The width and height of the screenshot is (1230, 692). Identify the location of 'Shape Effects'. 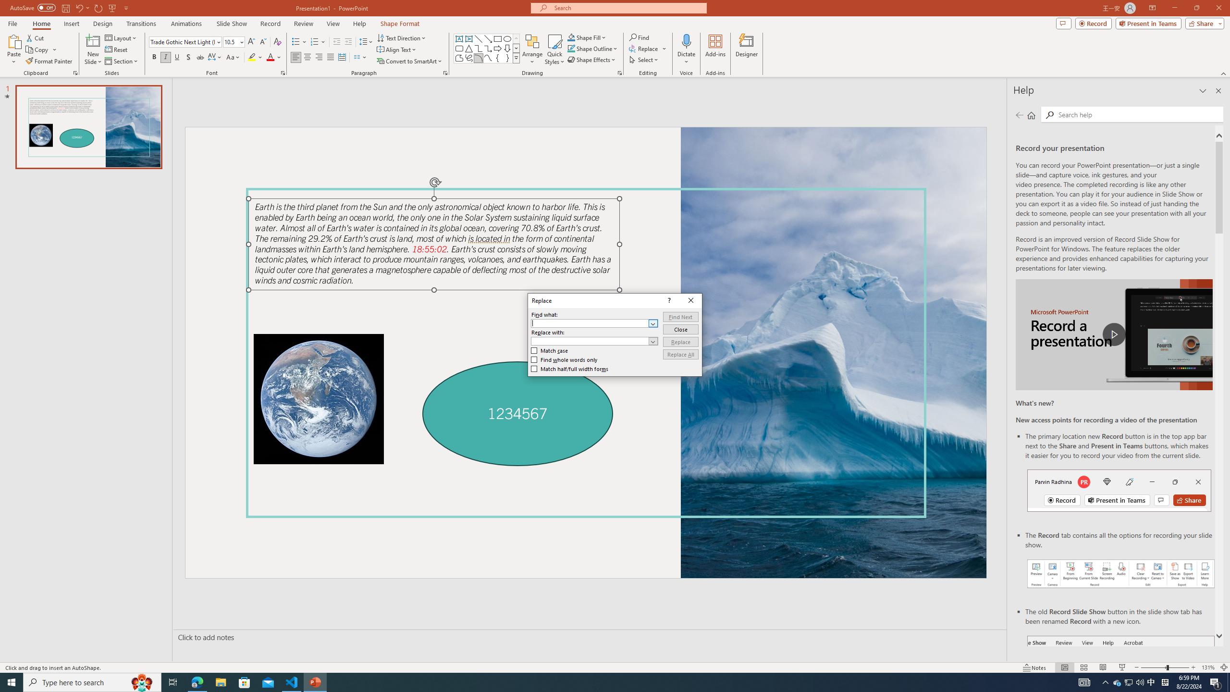
(591, 59).